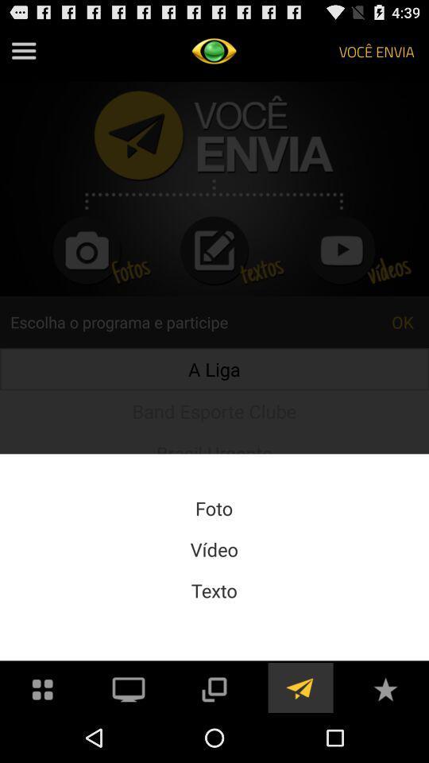  What do you see at coordinates (23, 51) in the screenshot?
I see `the menu icon in the top` at bounding box center [23, 51].